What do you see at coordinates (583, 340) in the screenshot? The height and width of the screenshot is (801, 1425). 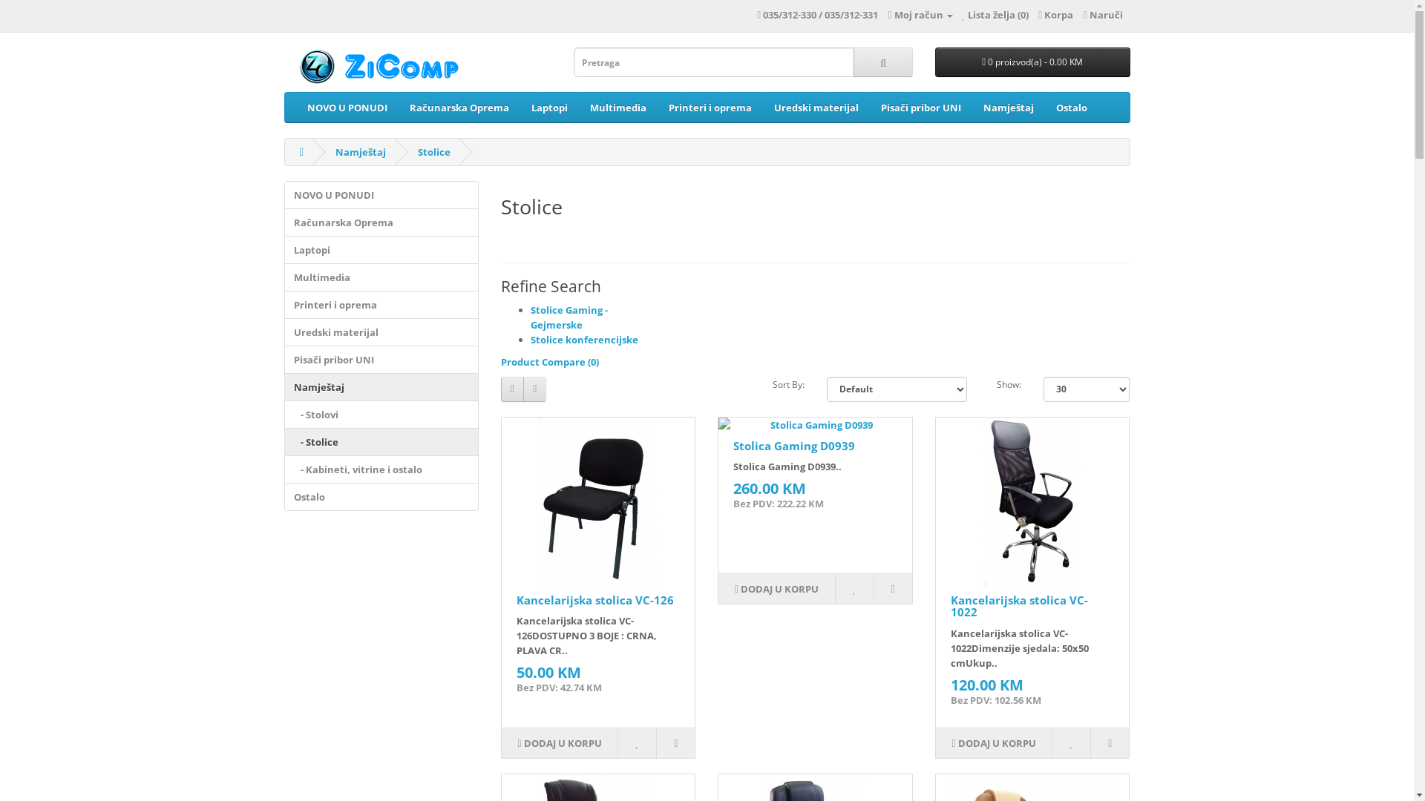 I see `'Stolice konferencijske'` at bounding box center [583, 340].